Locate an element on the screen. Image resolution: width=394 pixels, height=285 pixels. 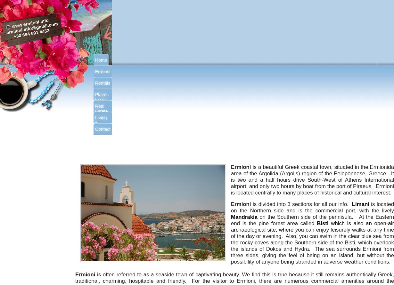
'which is also an open-air archaeological site, where' is located at coordinates (312, 226).